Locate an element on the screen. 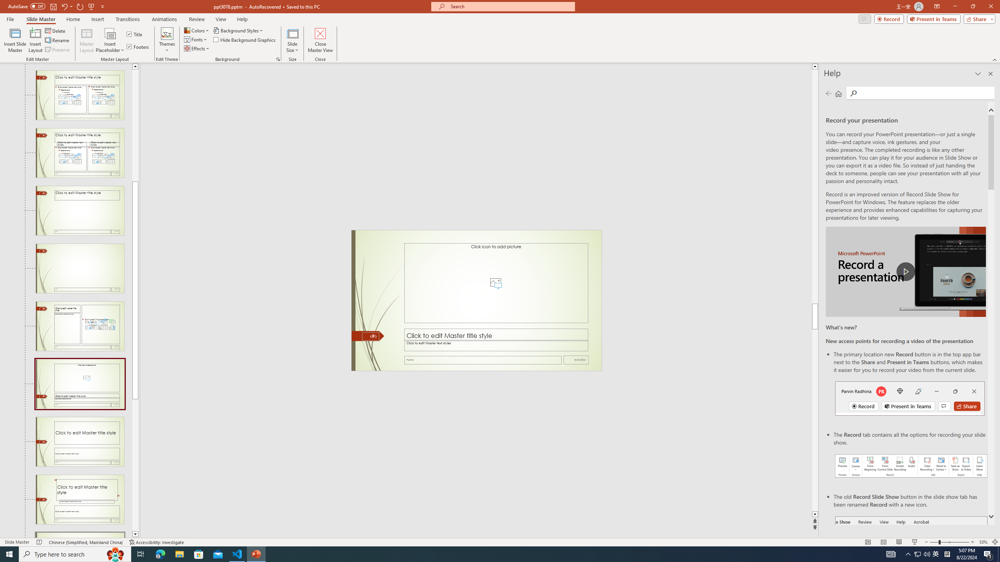  'Close pane' is located at coordinates (990, 73).